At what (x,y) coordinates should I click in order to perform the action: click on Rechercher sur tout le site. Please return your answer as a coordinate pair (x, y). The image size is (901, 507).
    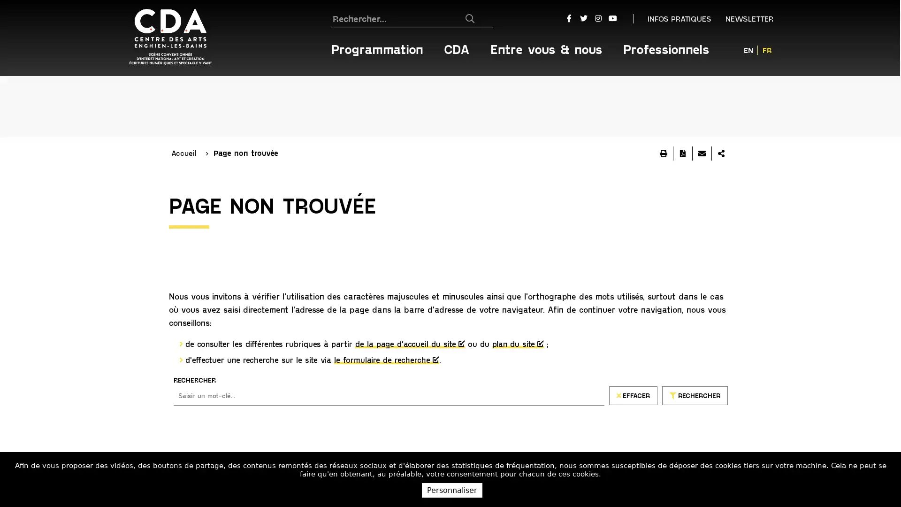
    Looking at the image, I should click on (475, 18).